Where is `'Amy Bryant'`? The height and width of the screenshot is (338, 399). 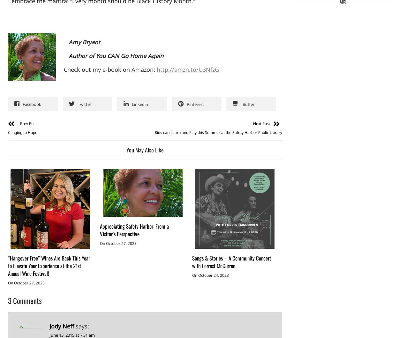
'Amy Bryant' is located at coordinates (82, 42).